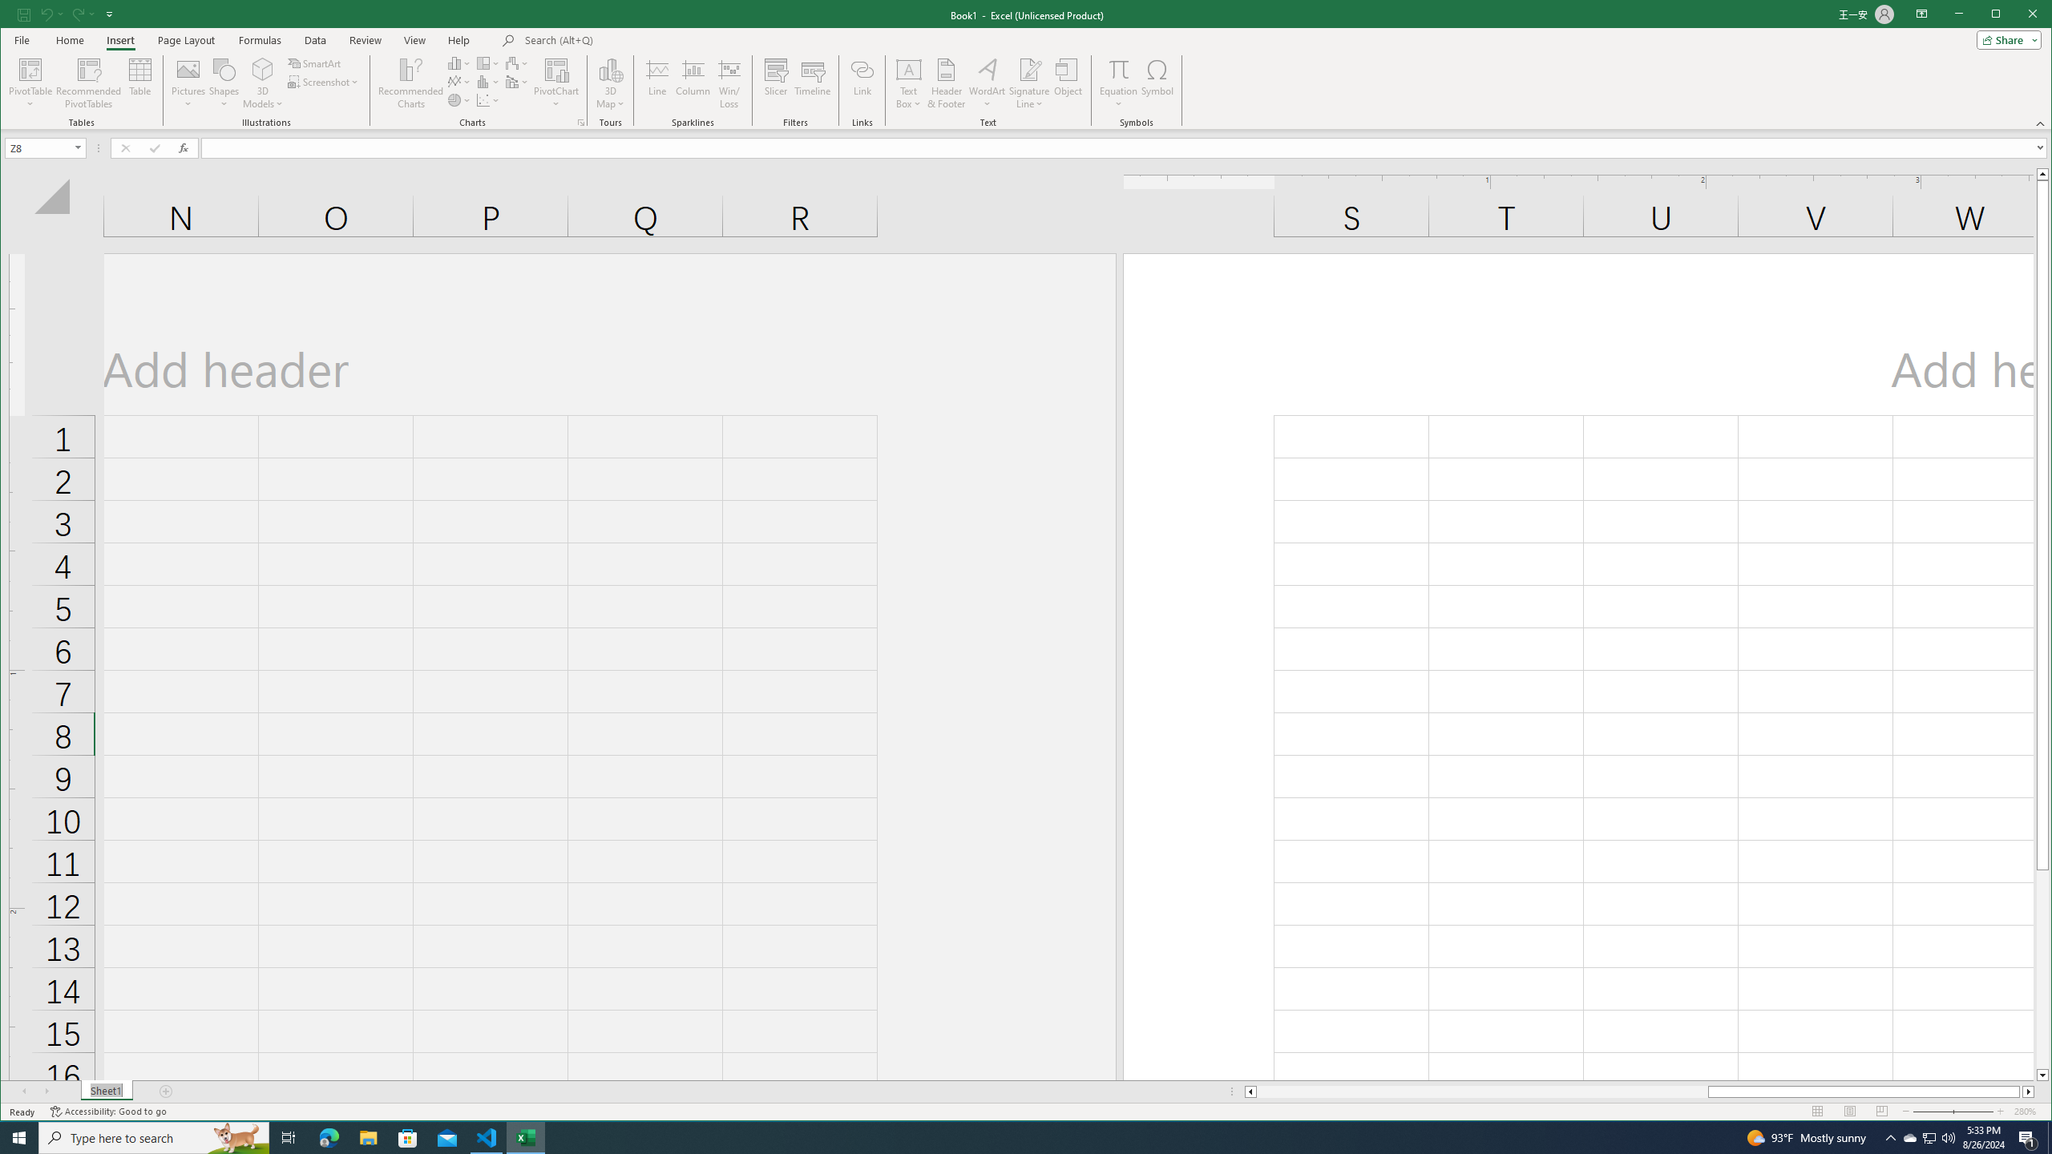 Image resolution: width=2052 pixels, height=1154 pixels. Describe the element at coordinates (140, 83) in the screenshot. I see `'Table'` at that location.